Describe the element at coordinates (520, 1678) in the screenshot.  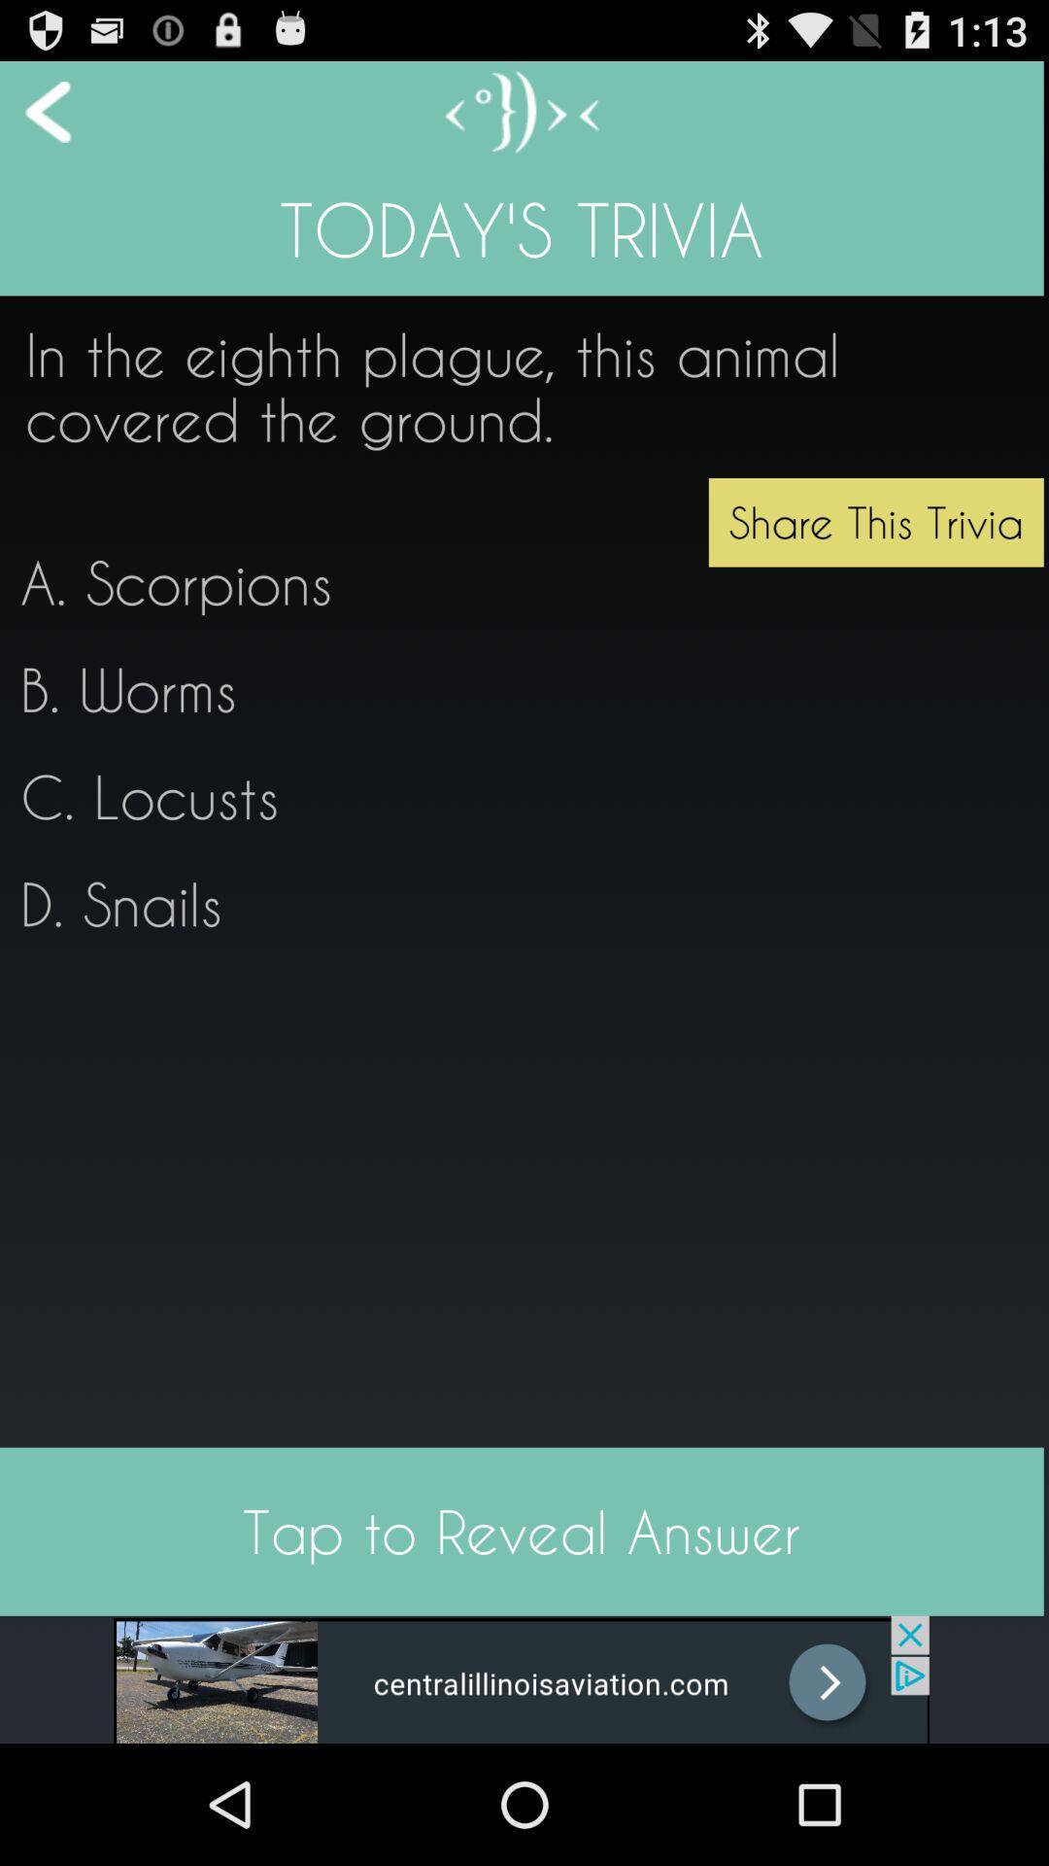
I see `advertisement website` at that location.